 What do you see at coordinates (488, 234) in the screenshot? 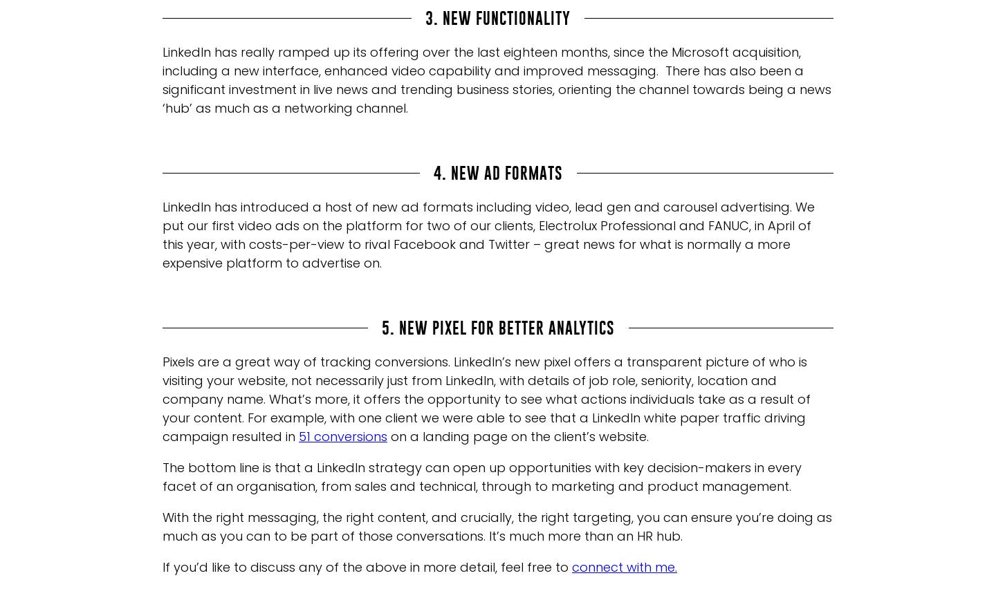
I see `'LinkedIn has introduced a host of new ad formats including video, lead gen and carousel advertising. We put our first video ads on the platform for two of our clients, Electrolux Professional and FANUC, in April of this year, with costs-per-view to rival Facebook and Twitter – great news for what is normally a more expensive platform to advertise on.'` at bounding box center [488, 234].